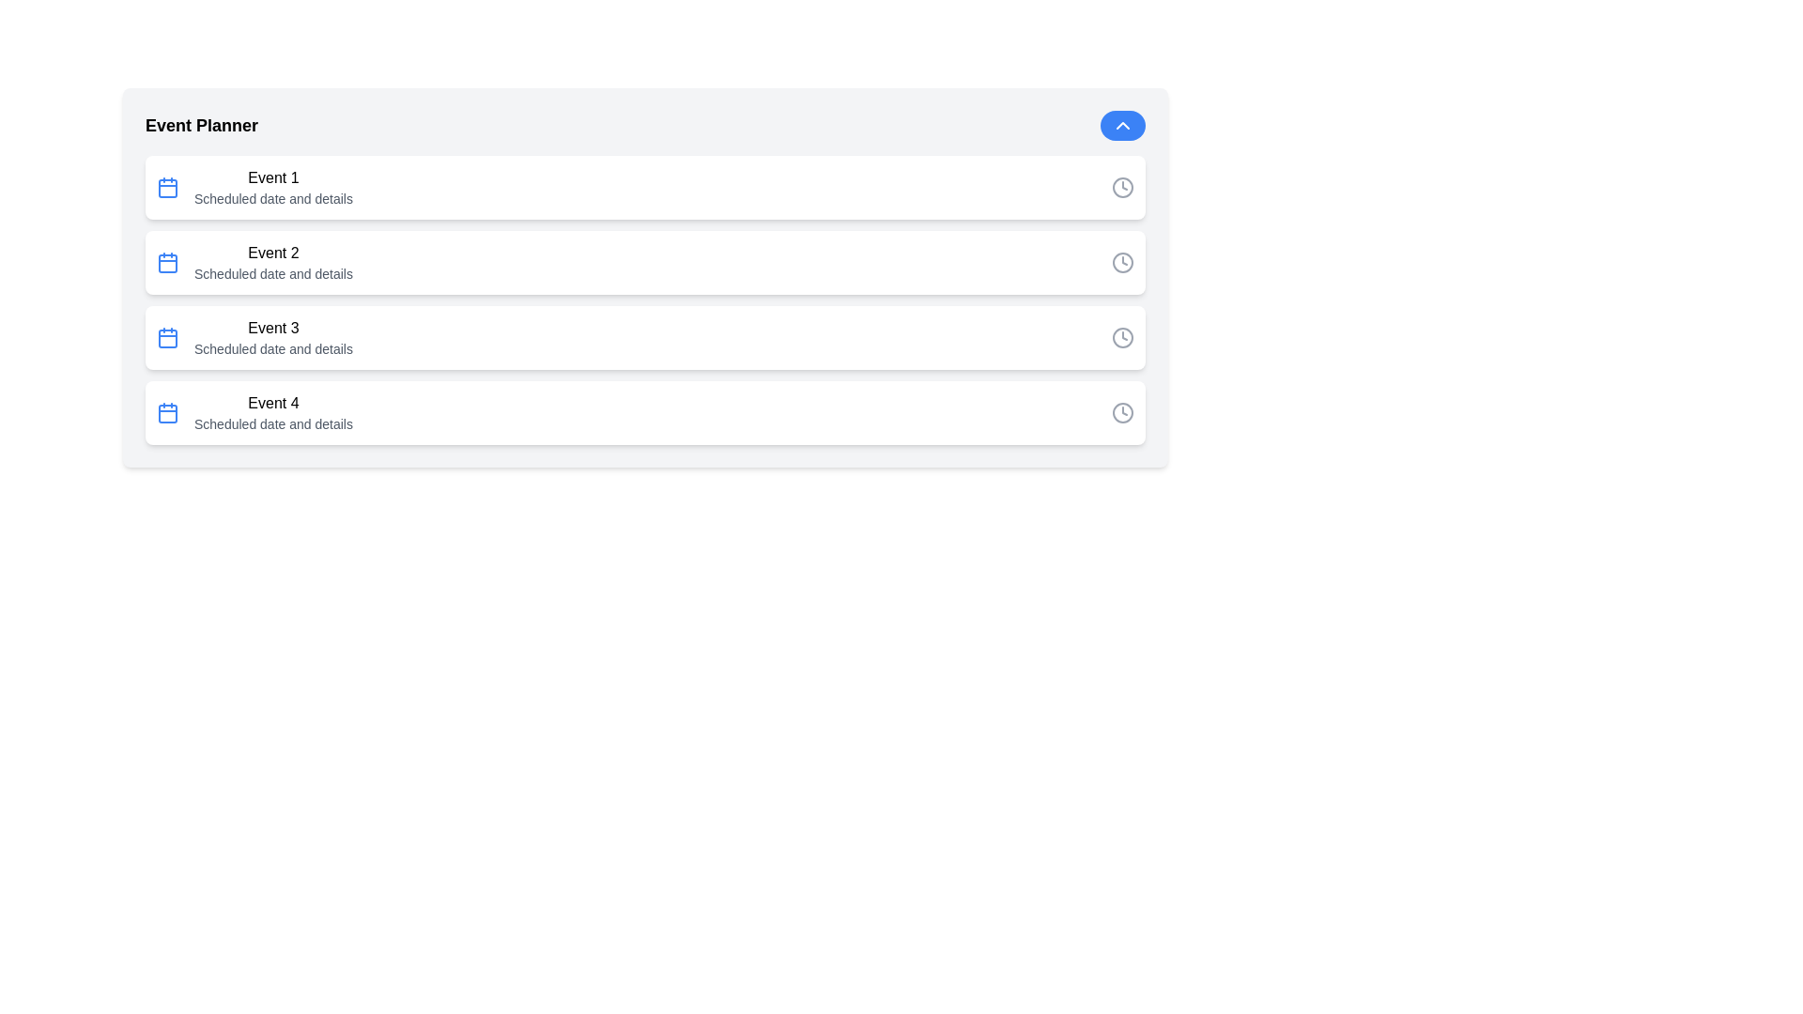 This screenshot has height=1014, width=1803. I want to click on the informative text label for 'Event 2', which is located below the title in the second entry of a vertically aligned list of events, so click(272, 274).